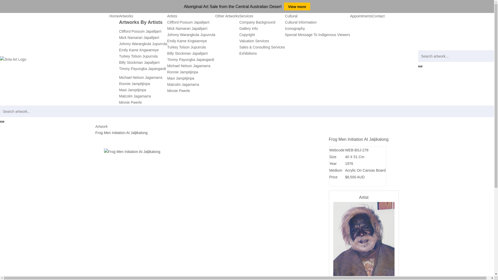 This screenshot has height=280, width=498. I want to click on 'Gallery Info', so click(248, 29).